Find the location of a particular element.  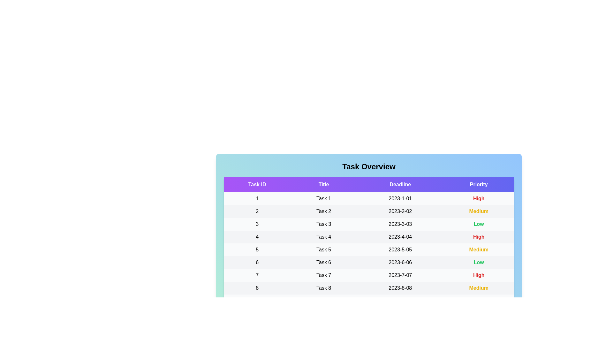

the column header Deadline to sort the tasks by that column is located at coordinates (400, 185).